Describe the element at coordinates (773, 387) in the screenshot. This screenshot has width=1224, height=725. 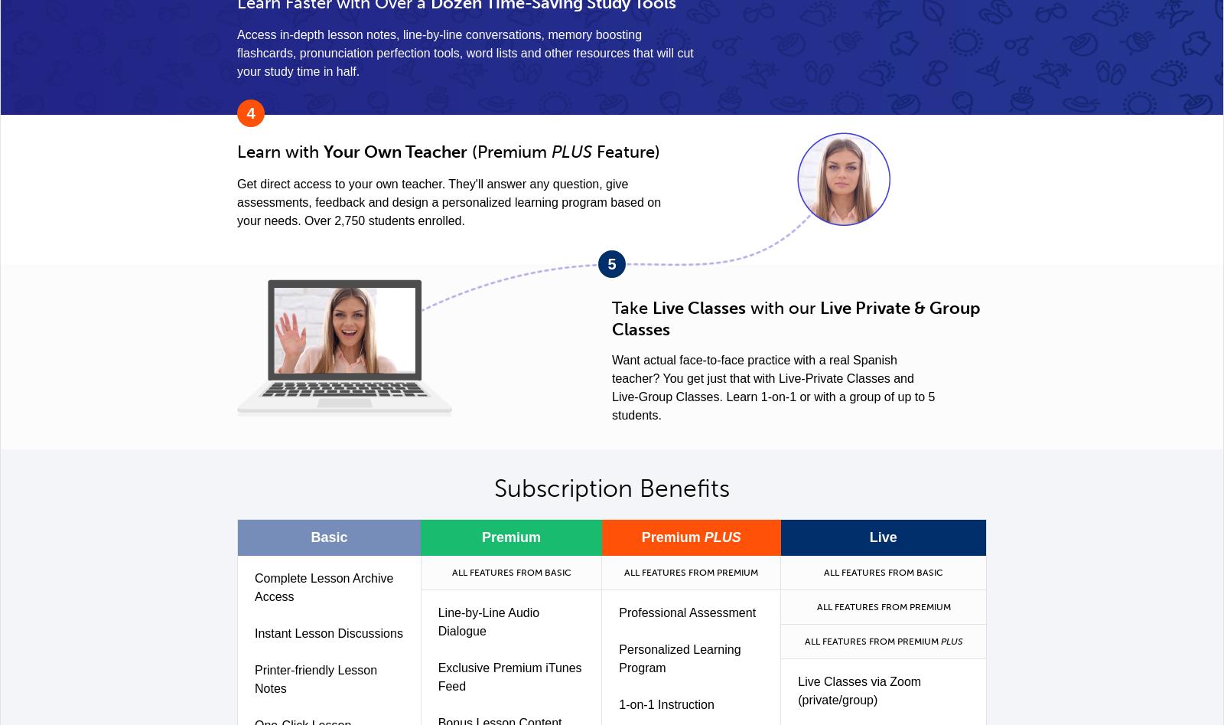
I see `'Want actual face-to-face practice with a real Spanish teacher? You get just that with Live-Private Classes and Live-Group Classes. Learn 1-on-1 or with a group of up to 5 students.'` at that location.